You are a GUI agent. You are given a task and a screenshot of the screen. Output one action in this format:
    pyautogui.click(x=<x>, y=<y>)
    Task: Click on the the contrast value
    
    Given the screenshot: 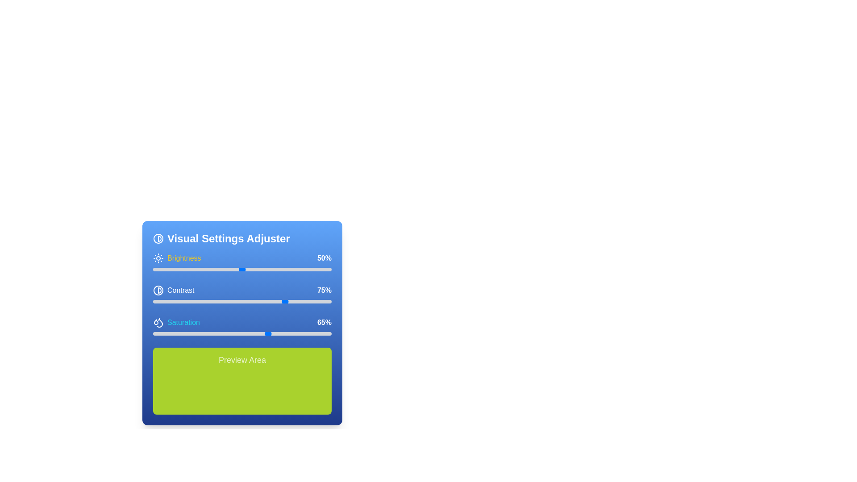 What is the action you would take?
    pyautogui.click(x=278, y=301)
    